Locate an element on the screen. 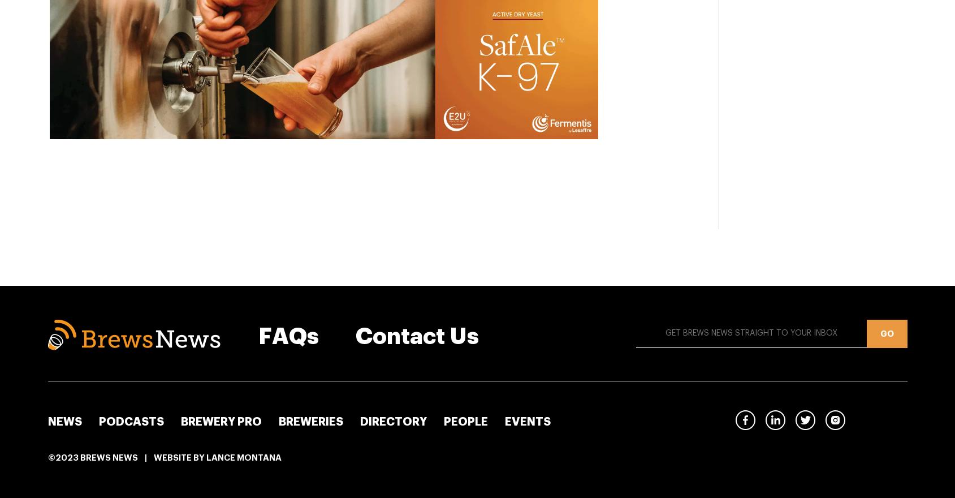  'Contact Us' is located at coordinates (417, 336).